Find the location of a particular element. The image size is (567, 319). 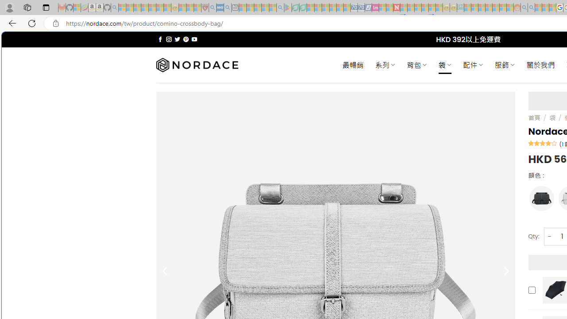

'Utah sues federal government - Search - Sleeping' is located at coordinates (531, 8).